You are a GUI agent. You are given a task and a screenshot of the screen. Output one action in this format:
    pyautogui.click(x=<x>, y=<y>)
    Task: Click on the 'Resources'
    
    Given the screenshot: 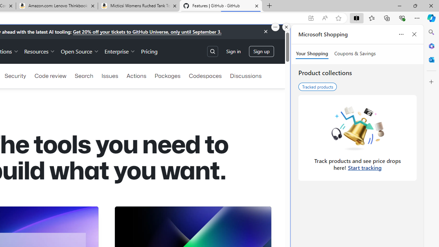 What is the action you would take?
    pyautogui.click(x=39, y=51)
    